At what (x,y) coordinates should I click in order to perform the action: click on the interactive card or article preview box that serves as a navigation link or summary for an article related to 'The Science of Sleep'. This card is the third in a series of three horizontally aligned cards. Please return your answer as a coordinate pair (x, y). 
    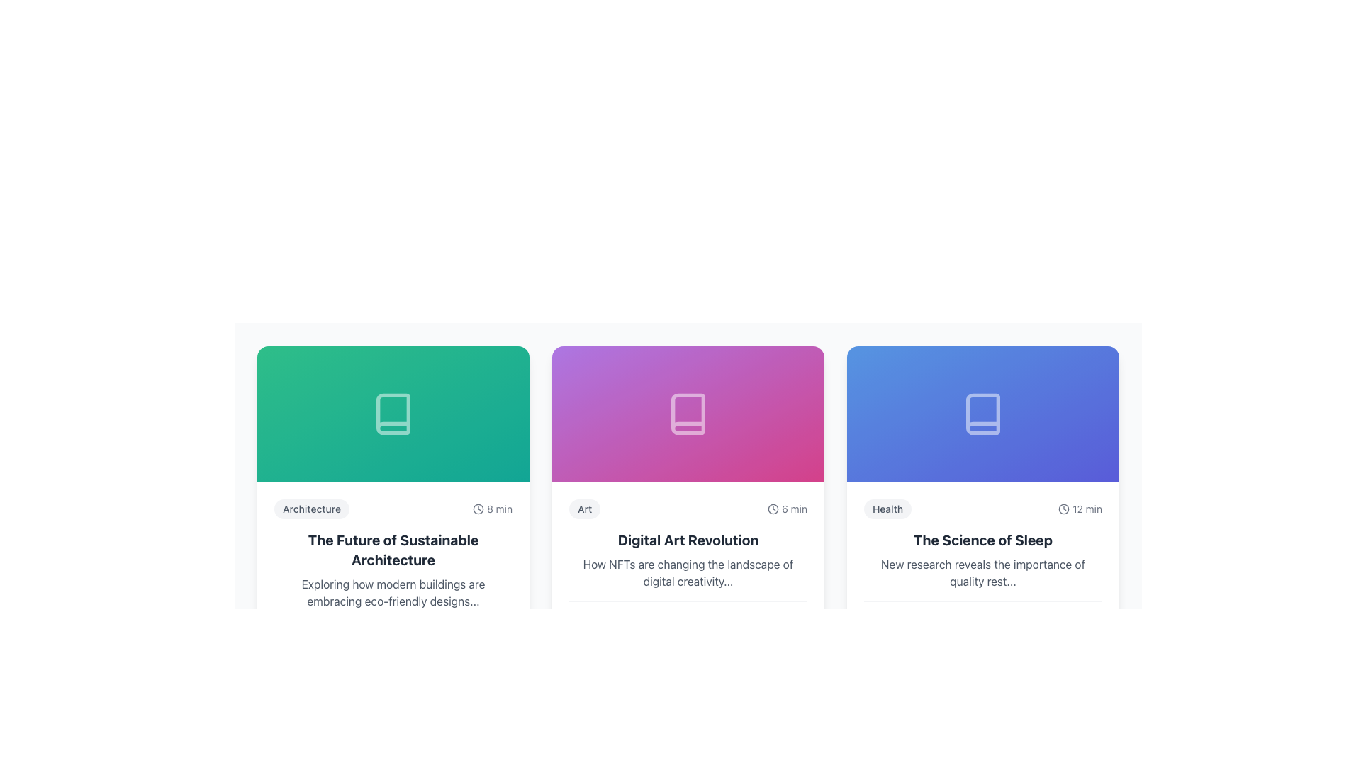
    Looking at the image, I should click on (982, 568).